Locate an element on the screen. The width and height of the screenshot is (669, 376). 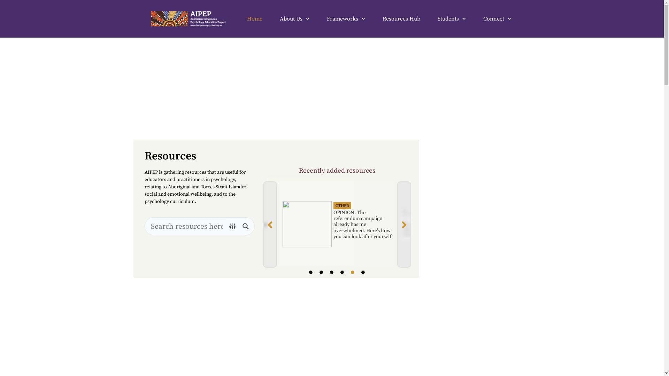
'Connect' is located at coordinates (497, 18).